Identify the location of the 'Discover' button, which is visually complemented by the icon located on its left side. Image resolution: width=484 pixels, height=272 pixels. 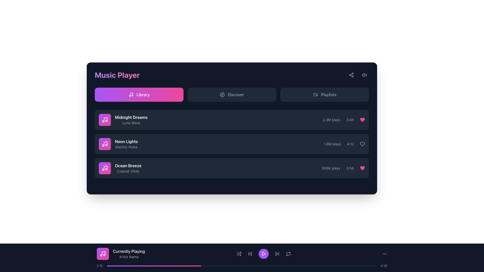
(222, 94).